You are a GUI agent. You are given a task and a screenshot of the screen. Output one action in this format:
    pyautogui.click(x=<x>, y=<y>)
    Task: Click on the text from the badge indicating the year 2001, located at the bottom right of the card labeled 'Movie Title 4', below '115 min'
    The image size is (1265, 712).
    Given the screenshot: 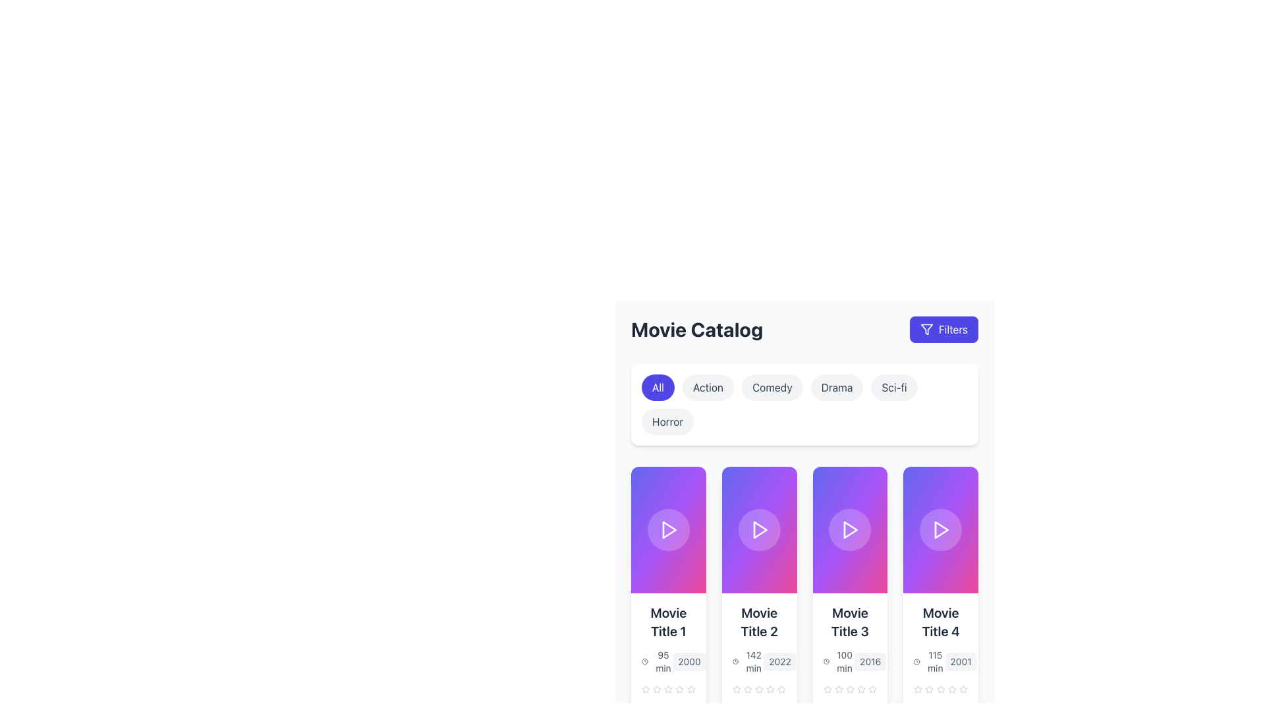 What is the action you would take?
    pyautogui.click(x=961, y=661)
    